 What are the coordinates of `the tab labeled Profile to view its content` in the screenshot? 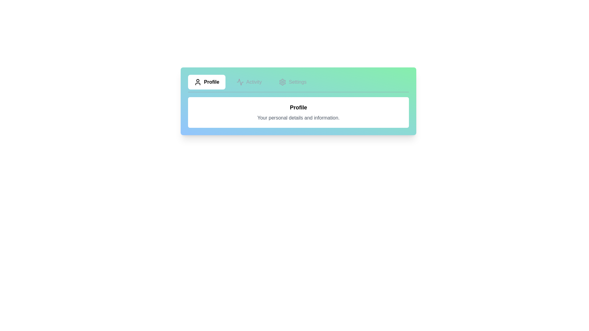 It's located at (206, 82).